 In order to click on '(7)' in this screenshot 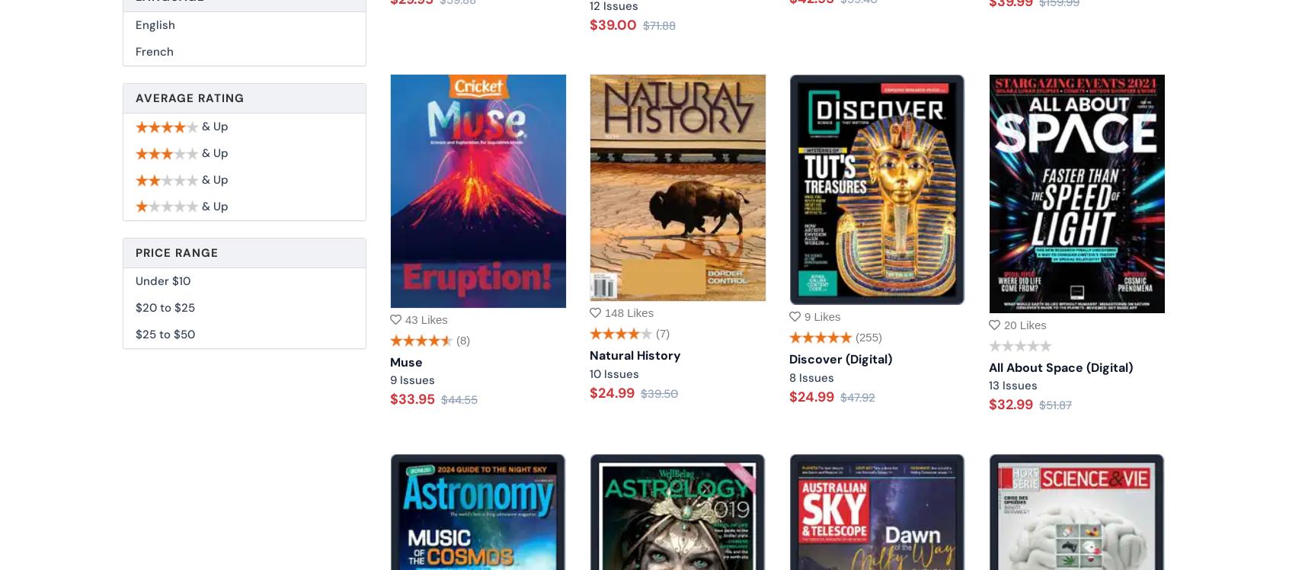, I will do `click(662, 332)`.